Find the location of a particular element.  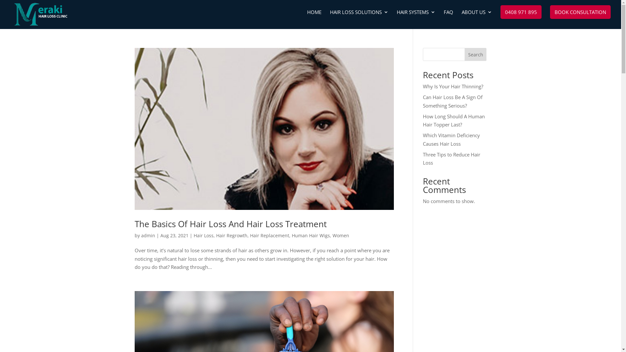

'Hair Regrowth' is located at coordinates (231, 235).